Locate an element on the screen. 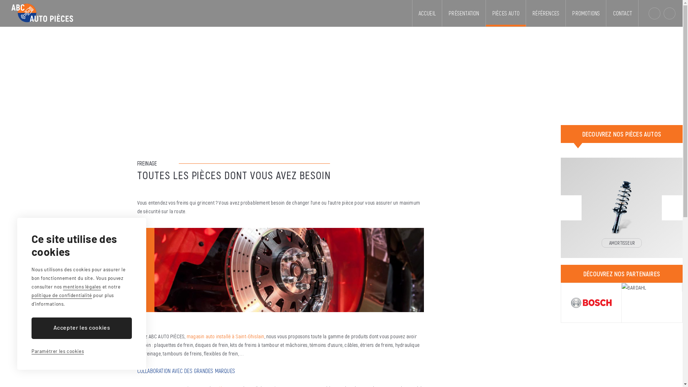 This screenshot has width=688, height=387. 'Amortisseur' is located at coordinates (621, 198).